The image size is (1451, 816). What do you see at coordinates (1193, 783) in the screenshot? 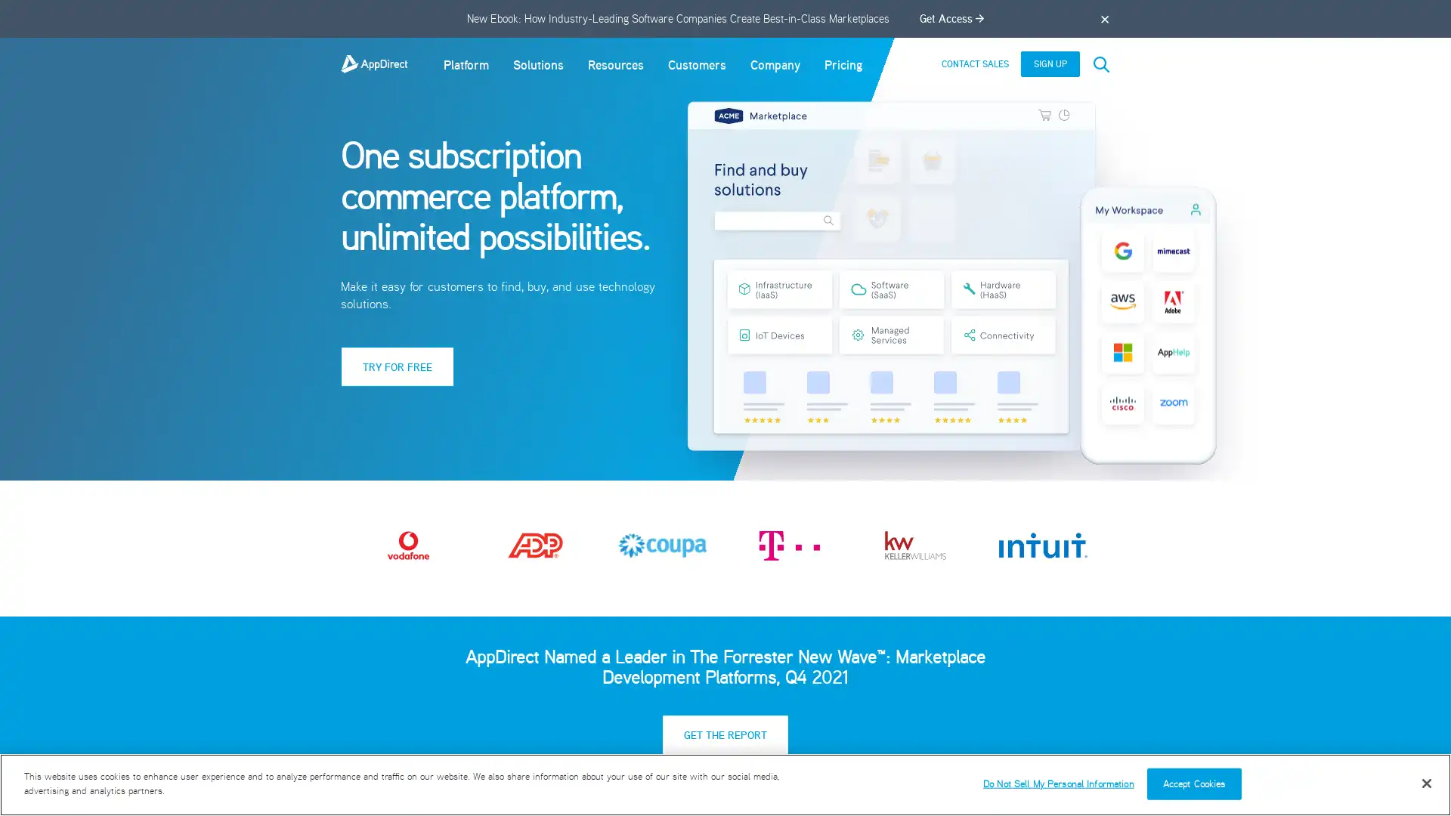
I see `Accept Cookies` at bounding box center [1193, 783].